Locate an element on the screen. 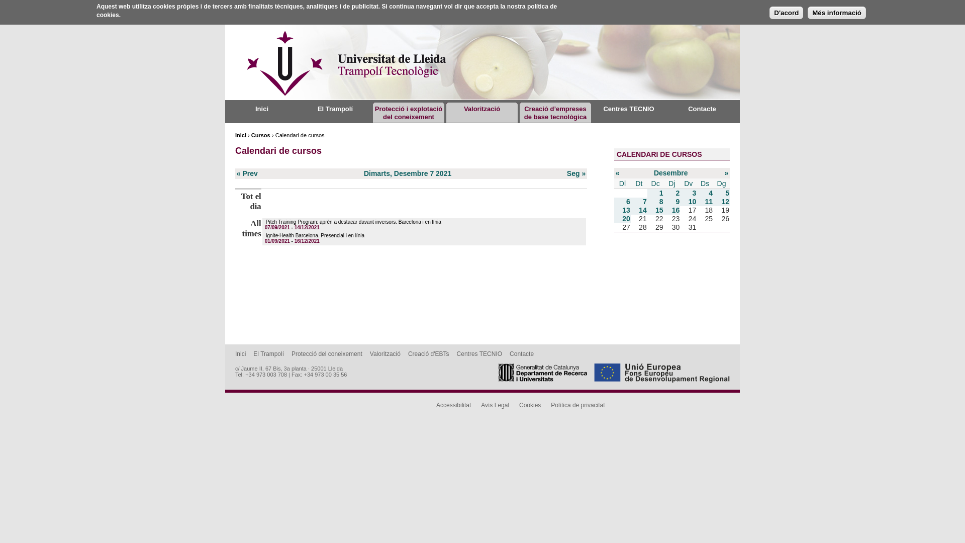  '7' is located at coordinates (644, 202).